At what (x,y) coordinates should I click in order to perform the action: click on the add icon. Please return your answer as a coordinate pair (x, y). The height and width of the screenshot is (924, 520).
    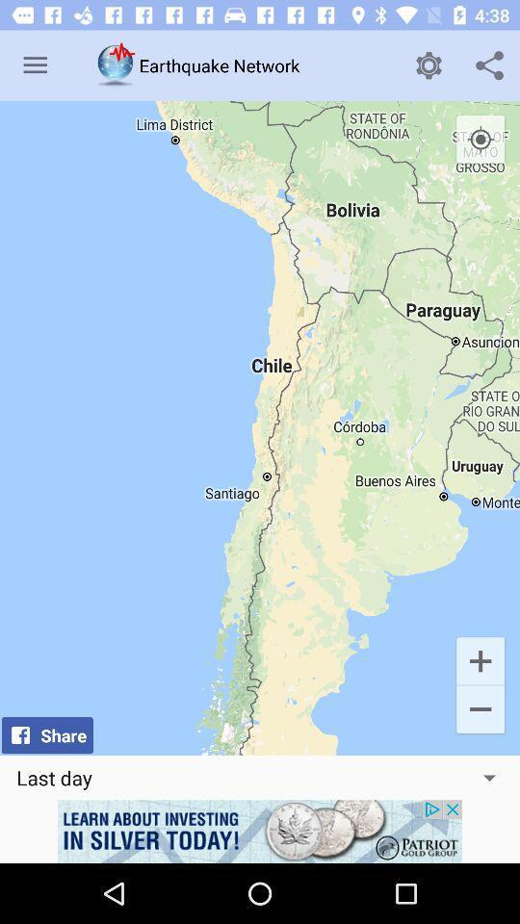
    Looking at the image, I should click on (480, 660).